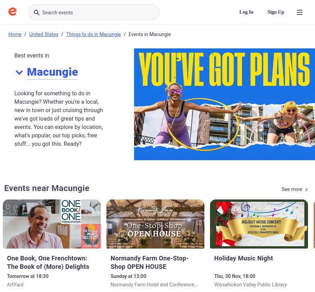 The image size is (315, 292). Describe the element at coordinates (27, 276) in the screenshot. I see `'Tomorrow at 18:30'` at that location.